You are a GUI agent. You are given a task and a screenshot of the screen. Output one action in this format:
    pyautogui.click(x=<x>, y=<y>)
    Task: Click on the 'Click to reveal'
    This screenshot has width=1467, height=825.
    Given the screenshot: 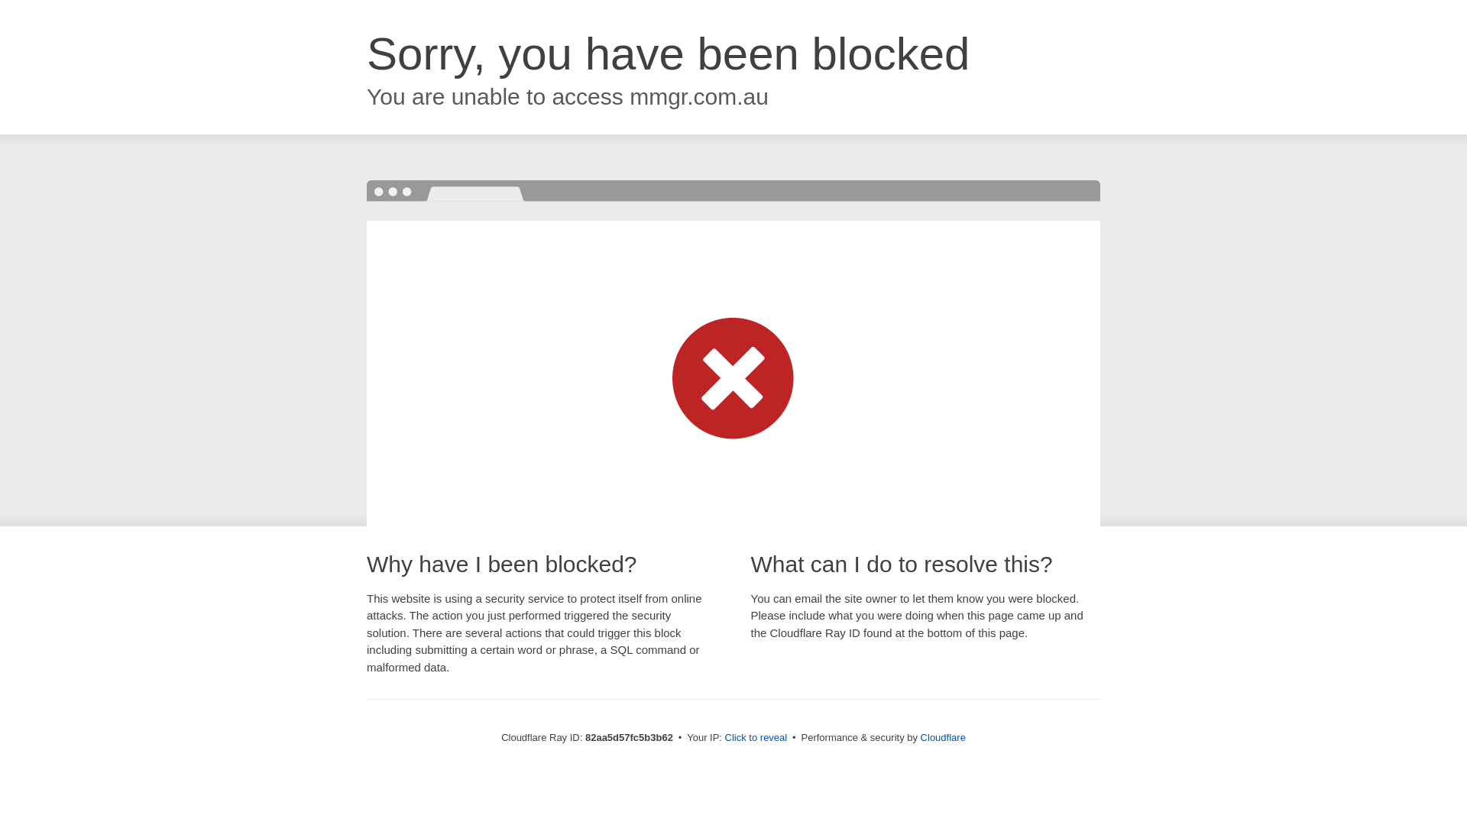 What is the action you would take?
    pyautogui.click(x=756, y=736)
    